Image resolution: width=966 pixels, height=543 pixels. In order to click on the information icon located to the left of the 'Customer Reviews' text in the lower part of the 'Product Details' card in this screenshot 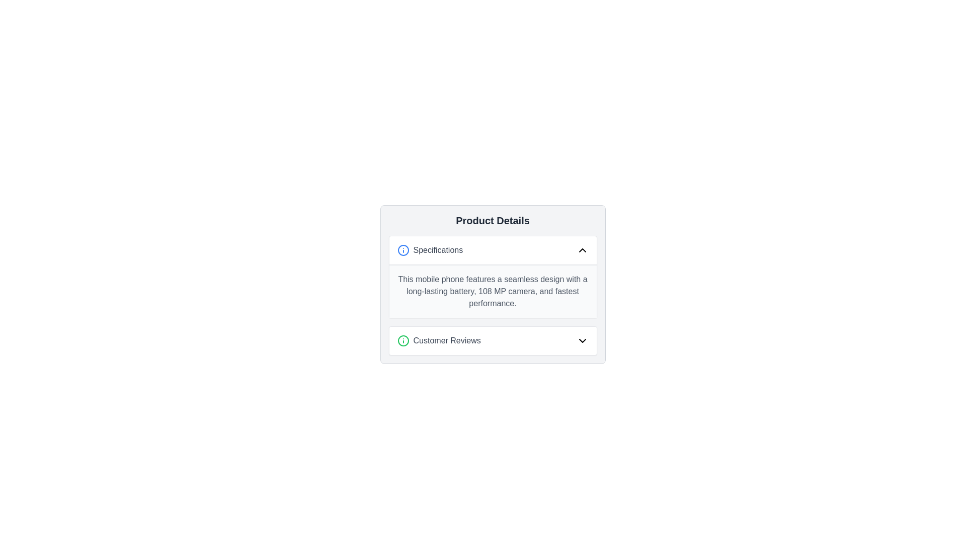, I will do `click(403, 340)`.